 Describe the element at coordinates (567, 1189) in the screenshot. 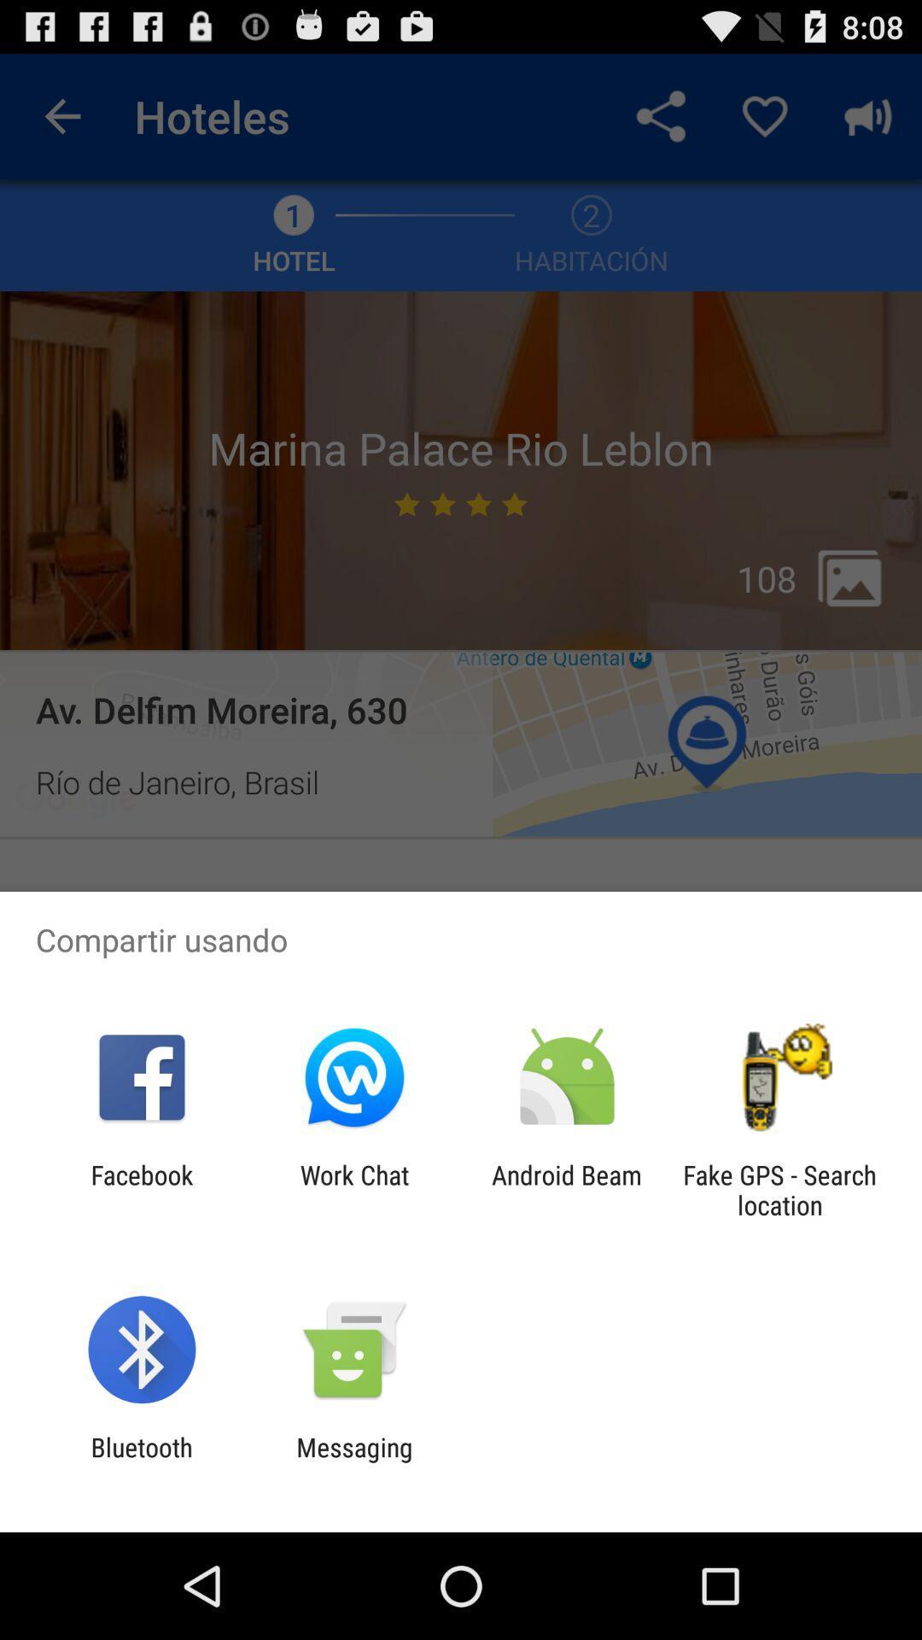

I see `the icon next to the work chat item` at that location.